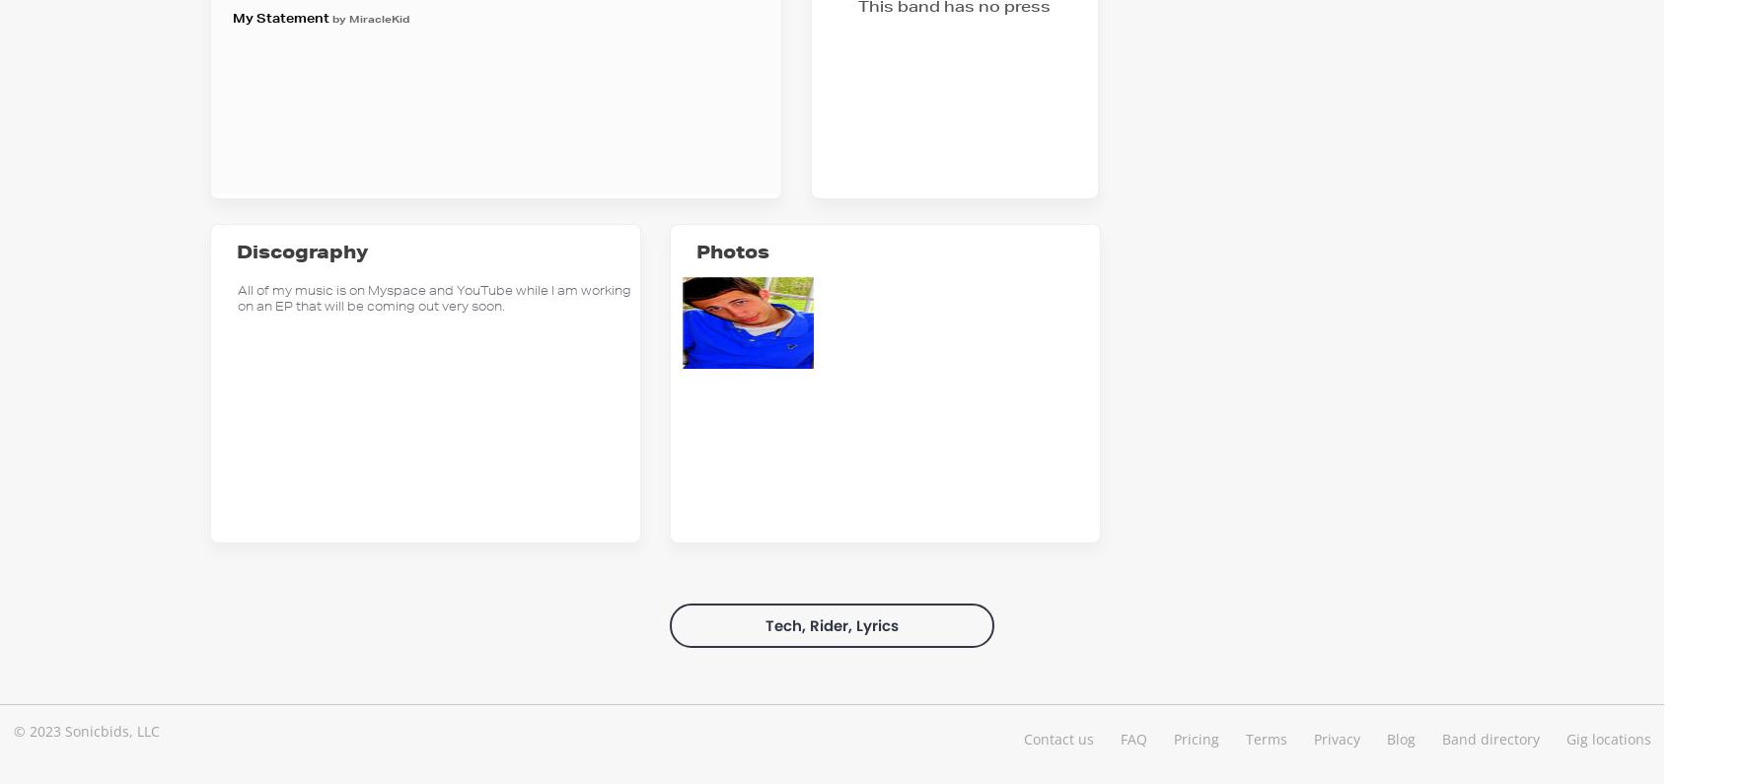  I want to click on 'Privacy', so click(1312, 737).